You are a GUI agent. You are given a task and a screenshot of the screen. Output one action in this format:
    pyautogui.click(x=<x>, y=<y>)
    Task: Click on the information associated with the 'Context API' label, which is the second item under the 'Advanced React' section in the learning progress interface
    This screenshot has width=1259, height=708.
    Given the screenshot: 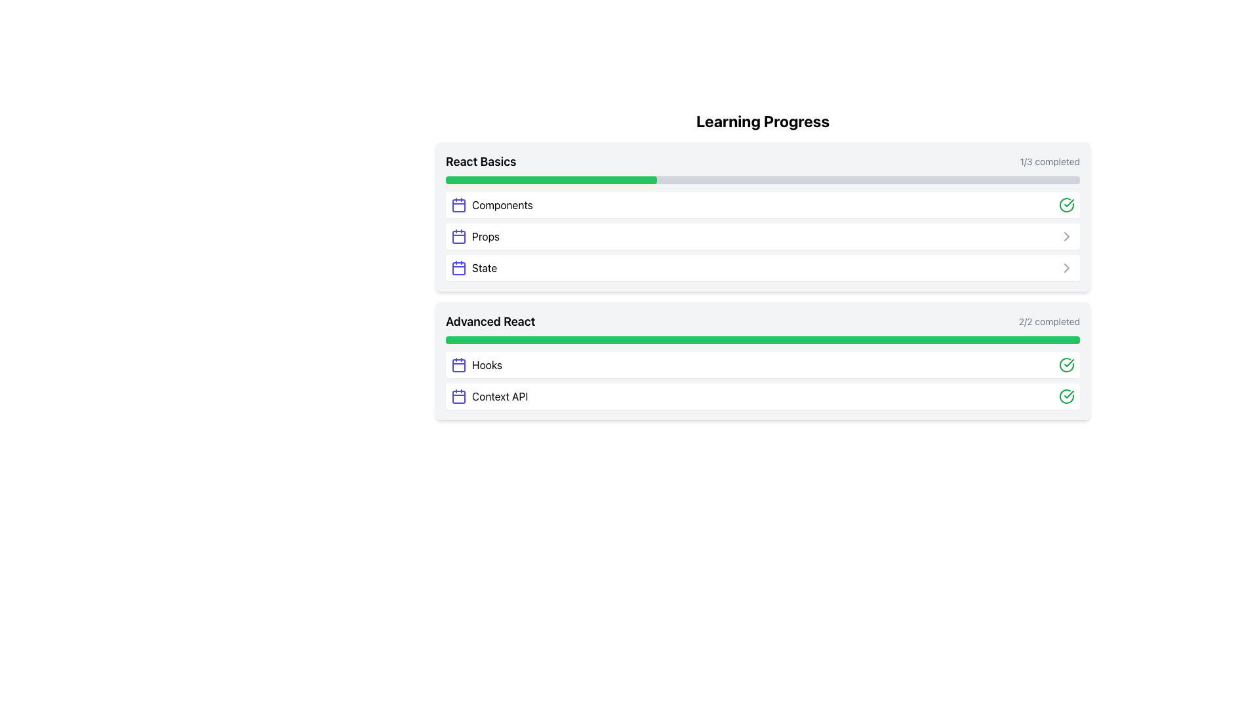 What is the action you would take?
    pyautogui.click(x=489, y=396)
    